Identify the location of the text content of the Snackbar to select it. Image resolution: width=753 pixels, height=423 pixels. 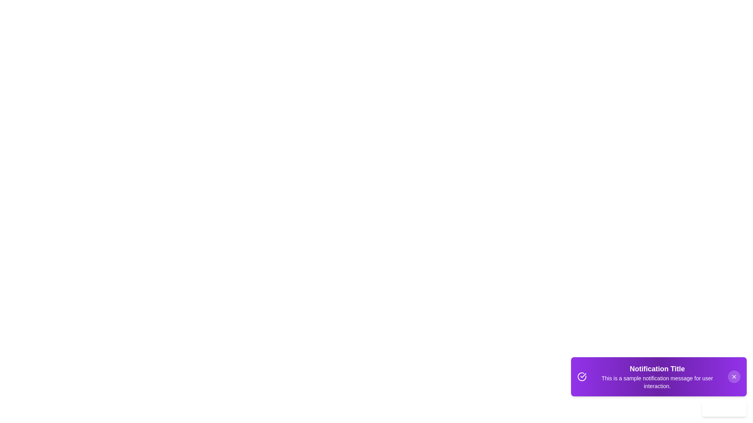
(657, 376).